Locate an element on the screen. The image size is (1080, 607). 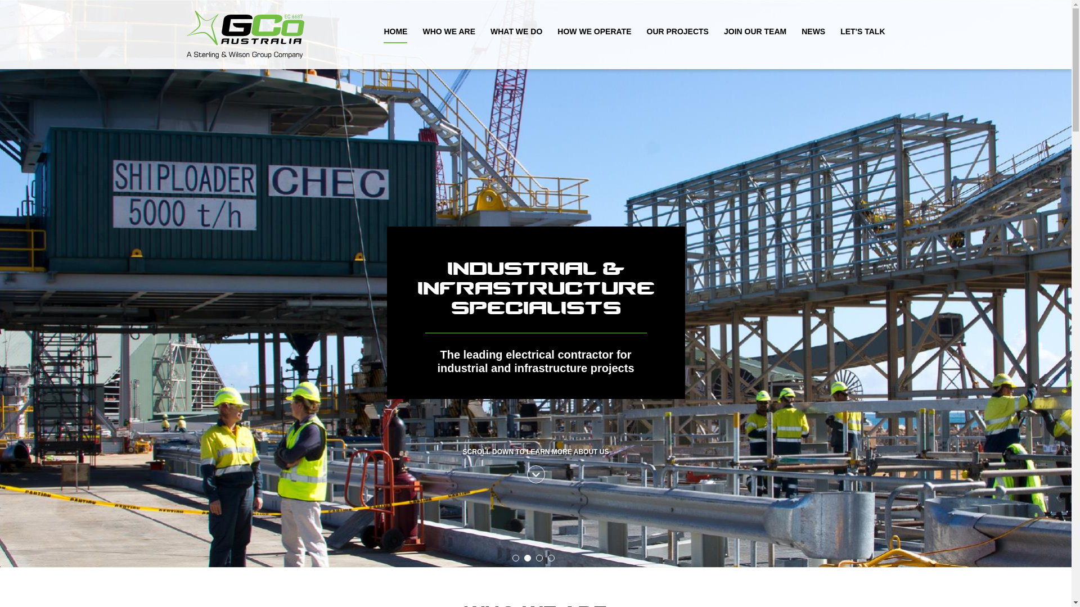
'OUR PROJECTS' is located at coordinates (677, 31).